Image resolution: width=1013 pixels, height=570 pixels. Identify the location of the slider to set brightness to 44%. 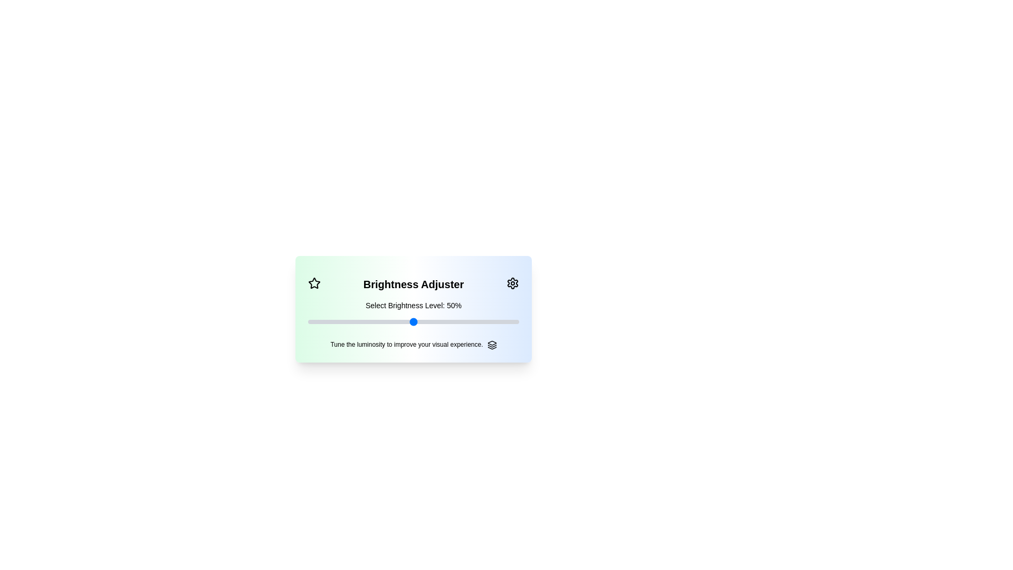
(308, 321).